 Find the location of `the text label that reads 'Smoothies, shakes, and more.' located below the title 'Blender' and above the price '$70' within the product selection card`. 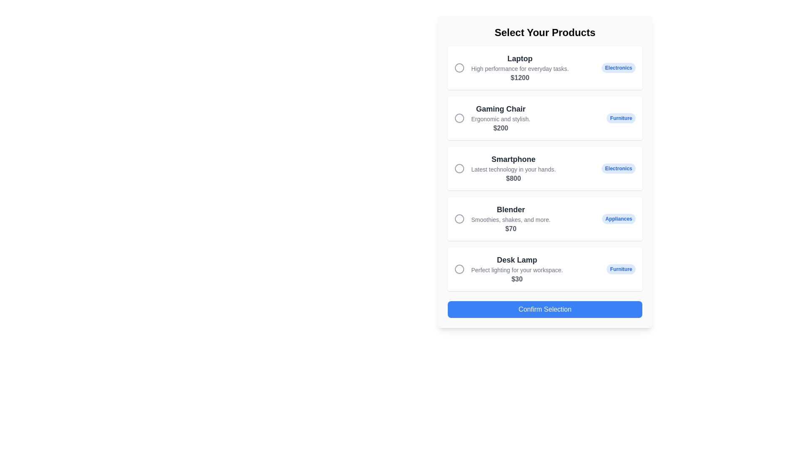

the text label that reads 'Smoothies, shakes, and more.' located below the title 'Blender' and above the price '$70' within the product selection card is located at coordinates (510, 219).